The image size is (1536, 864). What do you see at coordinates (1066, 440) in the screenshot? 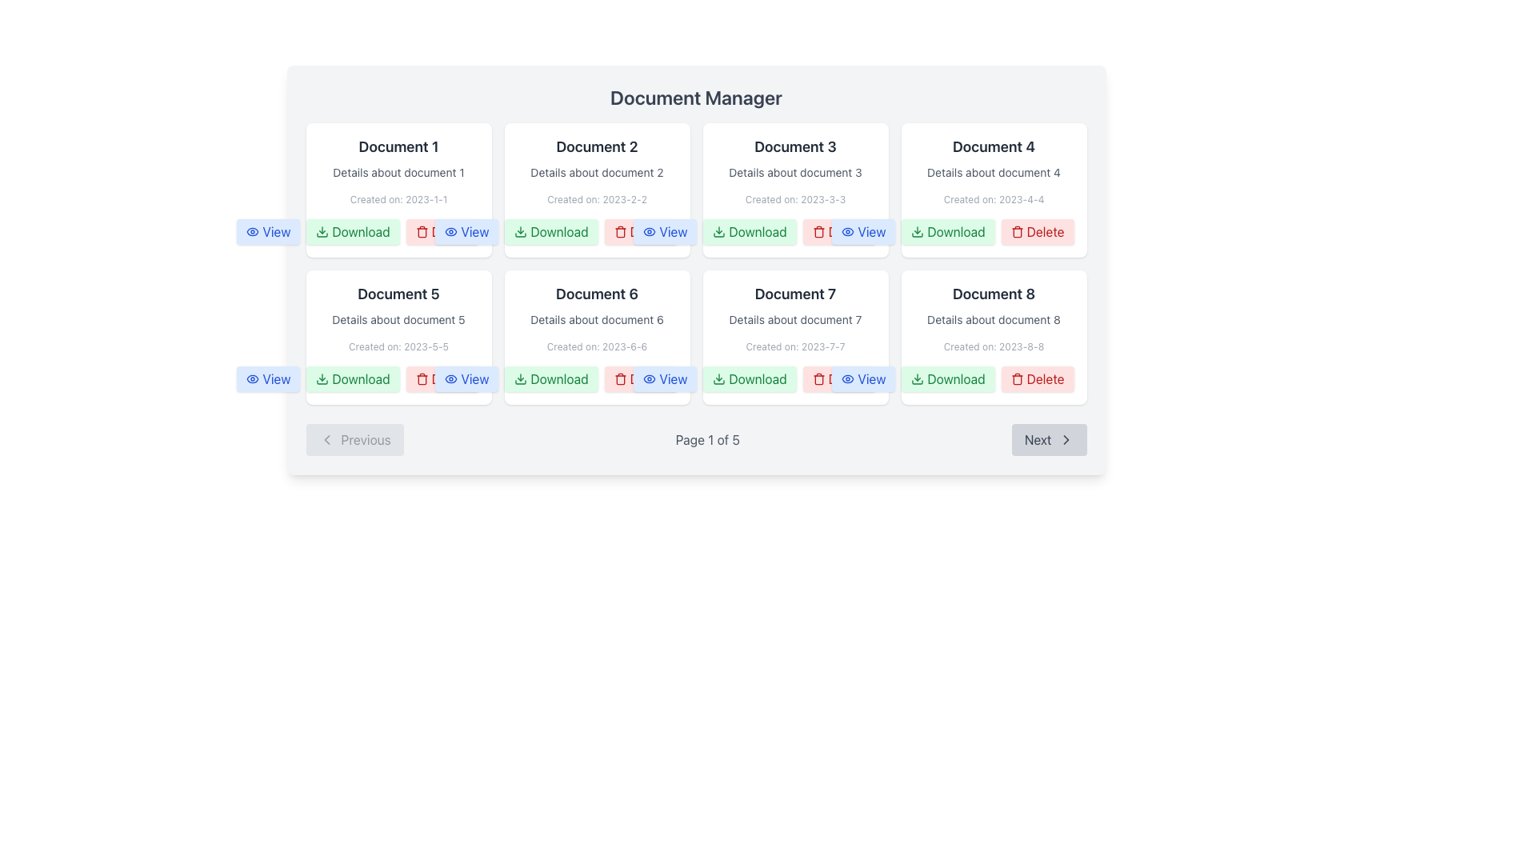
I see `the small right-pointing arrow icon, which is the chevron embellishment of the 'Next' button located at the bottom-right corner of the interface` at bounding box center [1066, 440].